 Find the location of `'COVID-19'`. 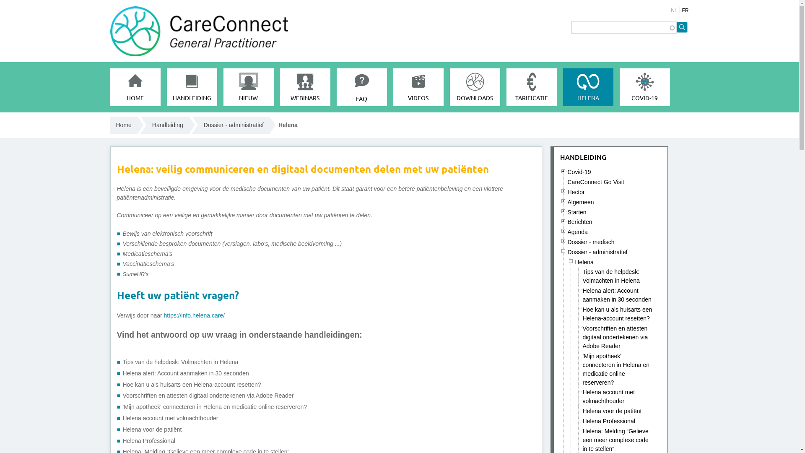

'COVID-19' is located at coordinates (620, 87).